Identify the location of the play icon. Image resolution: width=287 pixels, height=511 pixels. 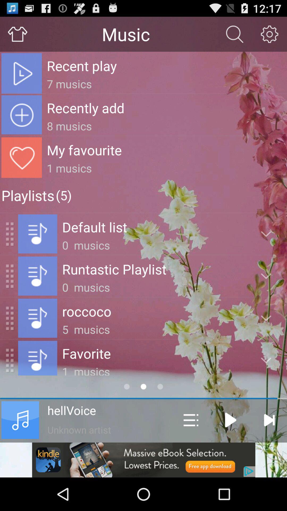
(230, 449).